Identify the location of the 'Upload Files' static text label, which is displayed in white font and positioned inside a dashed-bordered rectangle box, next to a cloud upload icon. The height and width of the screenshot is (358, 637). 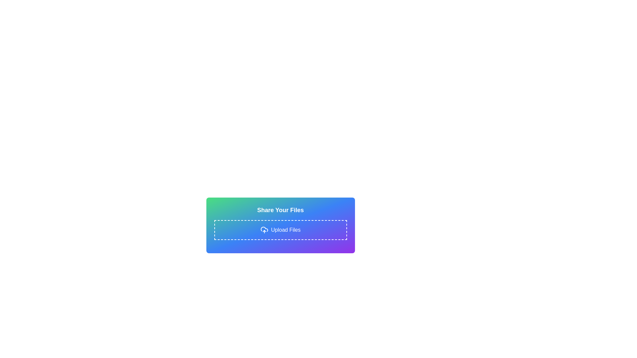
(286, 230).